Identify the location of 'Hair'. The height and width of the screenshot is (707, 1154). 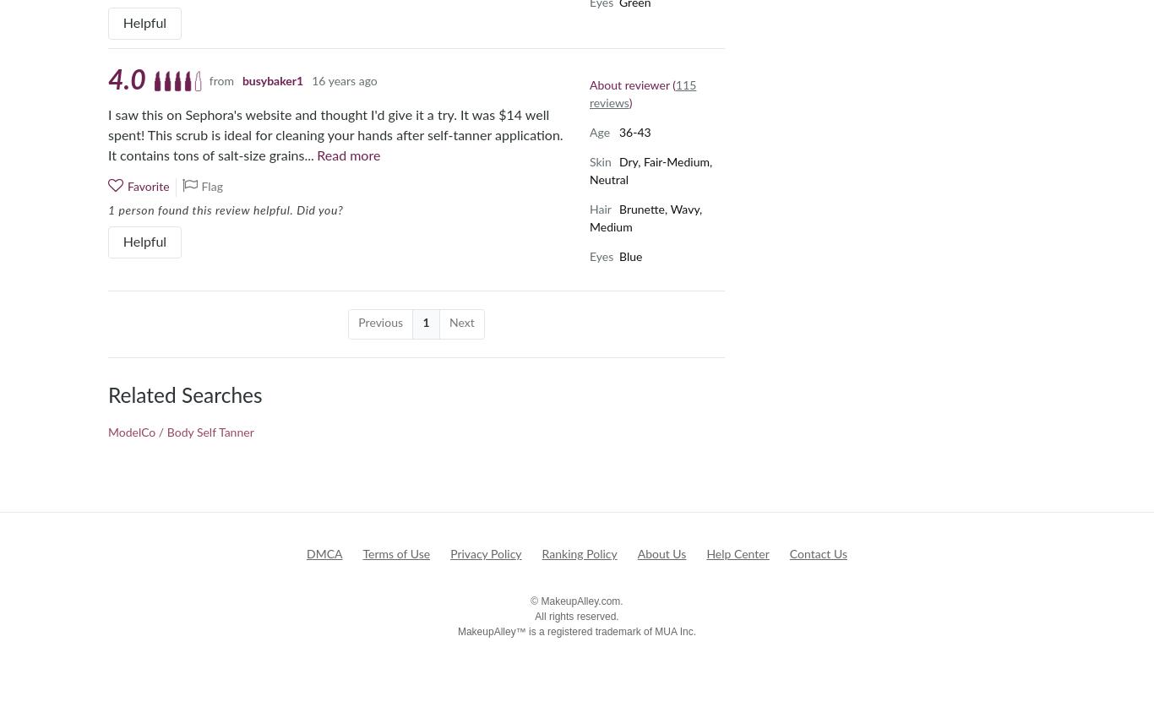
(600, 209).